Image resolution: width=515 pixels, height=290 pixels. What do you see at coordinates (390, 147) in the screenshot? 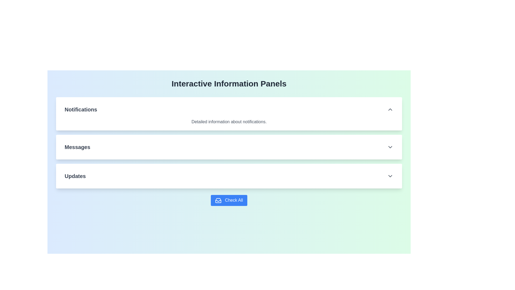
I see `the chevron-down icon at the far-right end of the 'Messages' section` at bounding box center [390, 147].